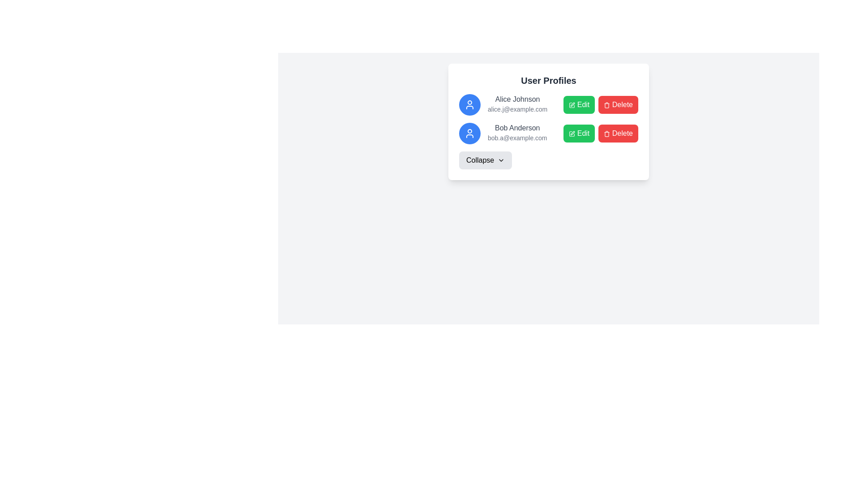  I want to click on the button group containing actionable buttons, so click(601, 133).